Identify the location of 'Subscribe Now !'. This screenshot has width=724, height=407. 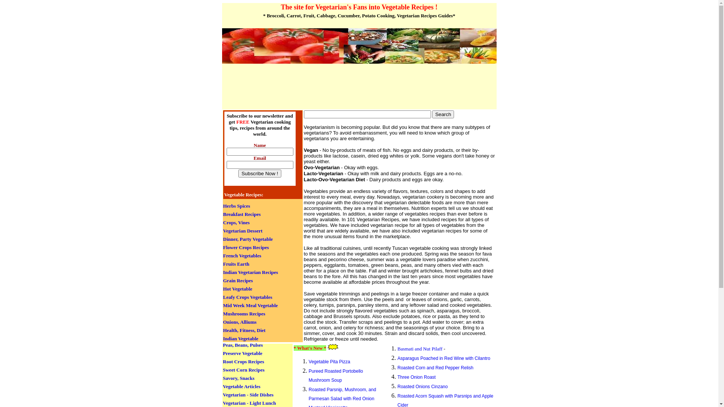
(259, 173).